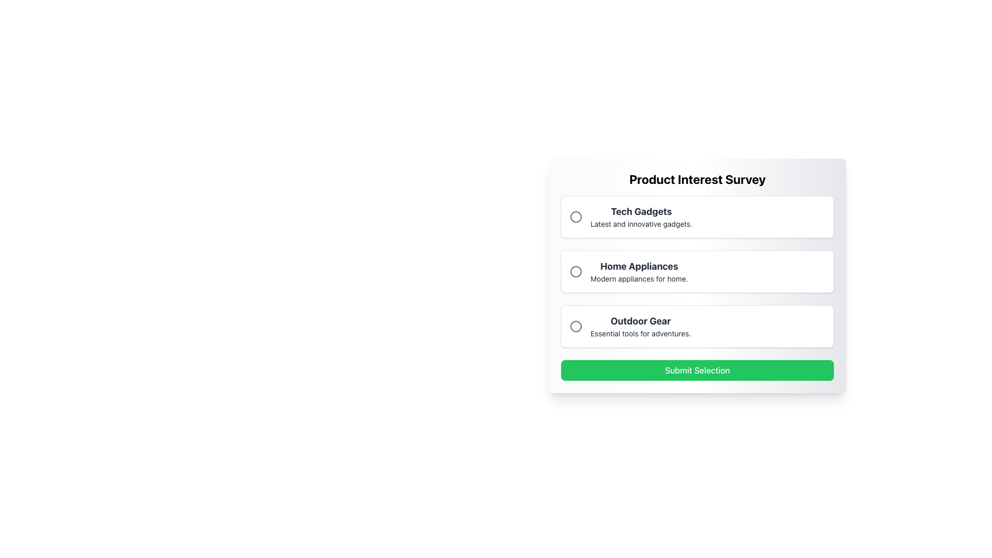 The width and height of the screenshot is (992, 558). I want to click on the 'Home Appliances' text label which serves as the title for the selectable card option in the 'Product Interest Survey', so click(639, 266).